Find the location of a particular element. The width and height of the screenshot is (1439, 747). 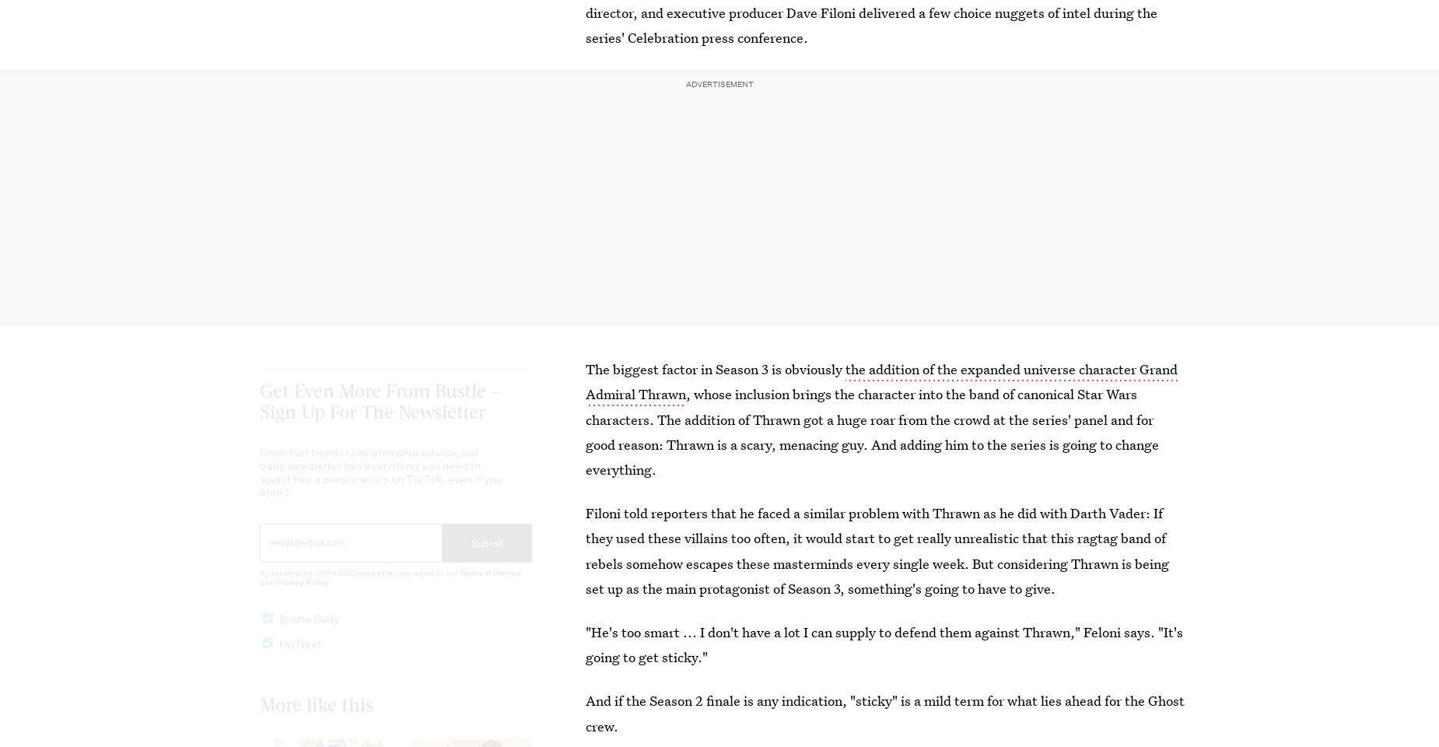

'Up Next' is located at coordinates (299, 657).